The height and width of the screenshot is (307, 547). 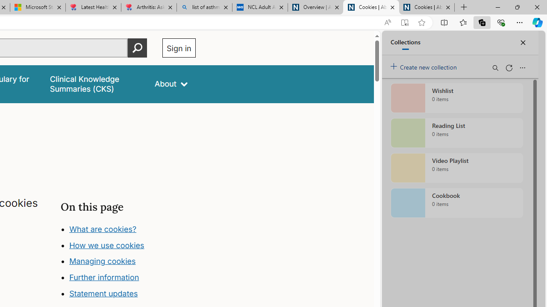 I want to click on 'Cookies | About | NICE', so click(x=427, y=7).